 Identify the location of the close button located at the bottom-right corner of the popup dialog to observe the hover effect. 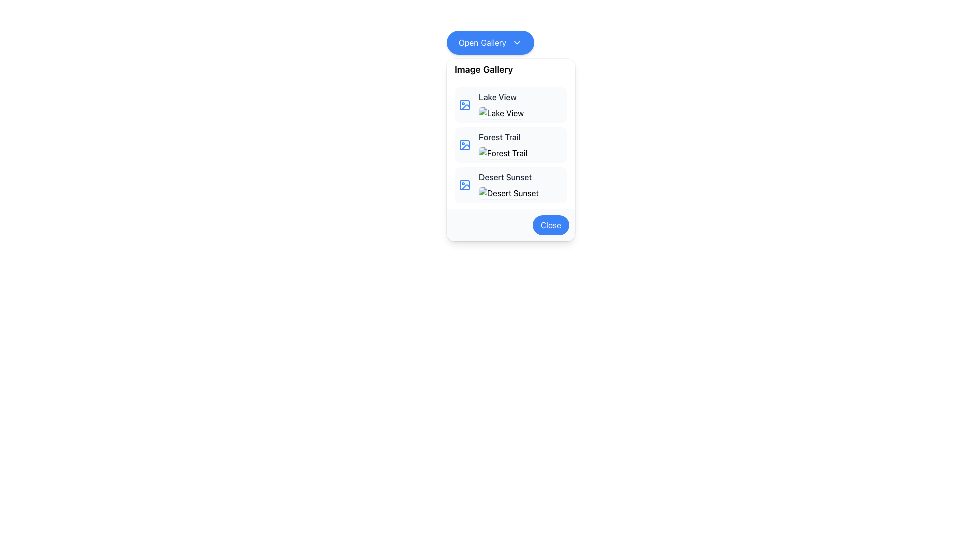
(550, 225).